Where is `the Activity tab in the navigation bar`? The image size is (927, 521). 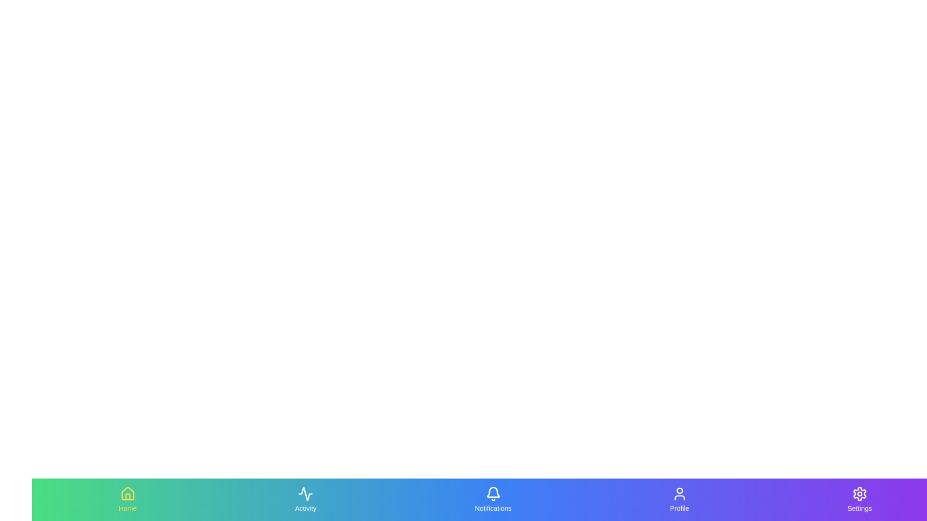
the Activity tab in the navigation bar is located at coordinates (305, 499).